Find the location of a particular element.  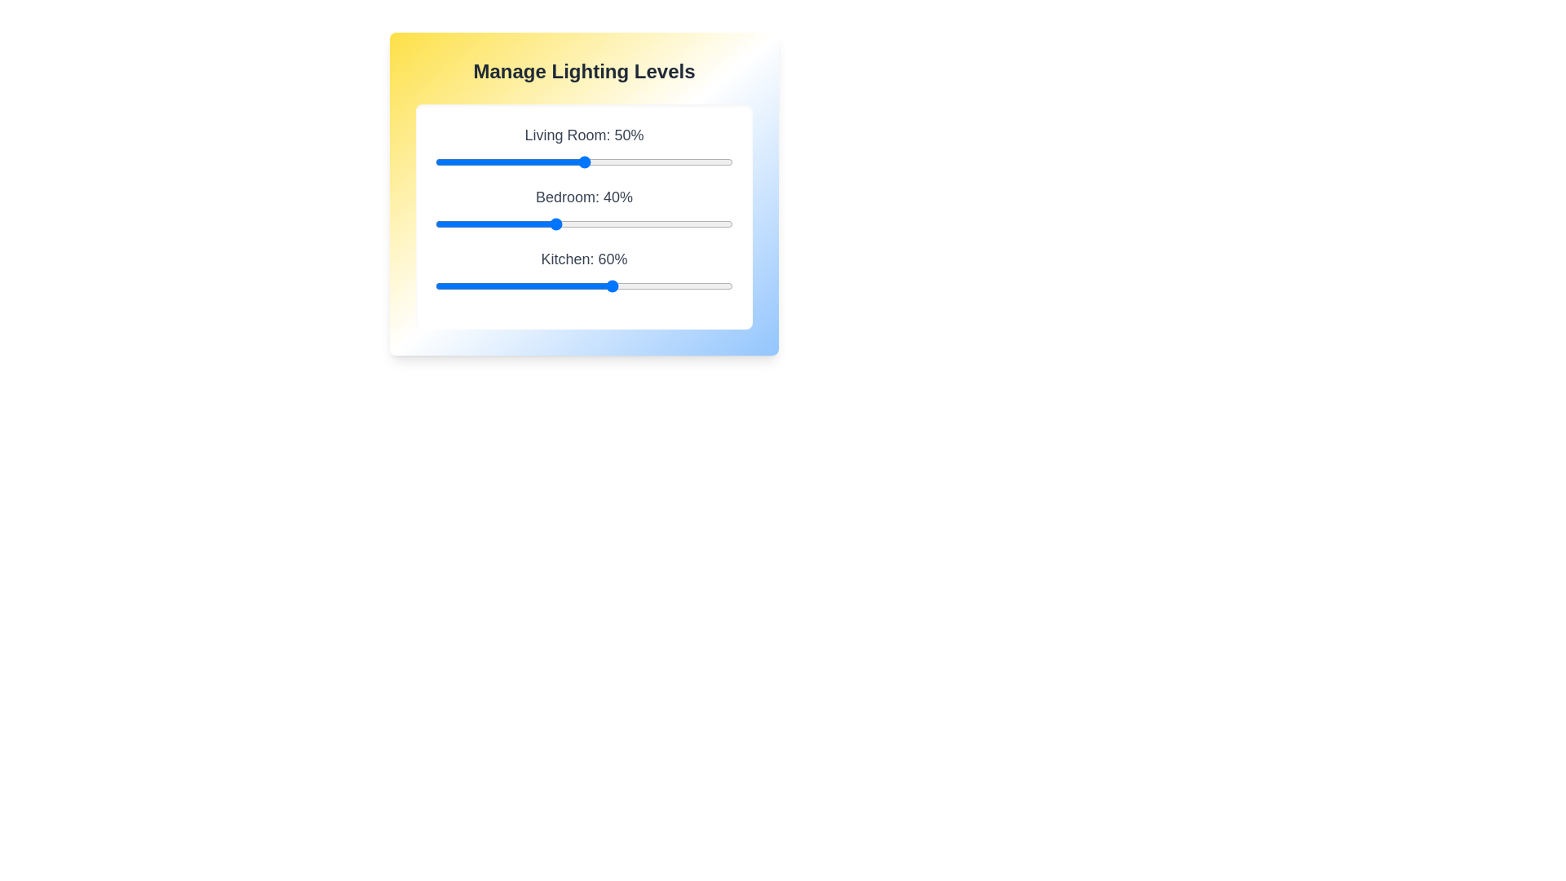

the Living Room lighting slider to 41% is located at coordinates (557, 162).